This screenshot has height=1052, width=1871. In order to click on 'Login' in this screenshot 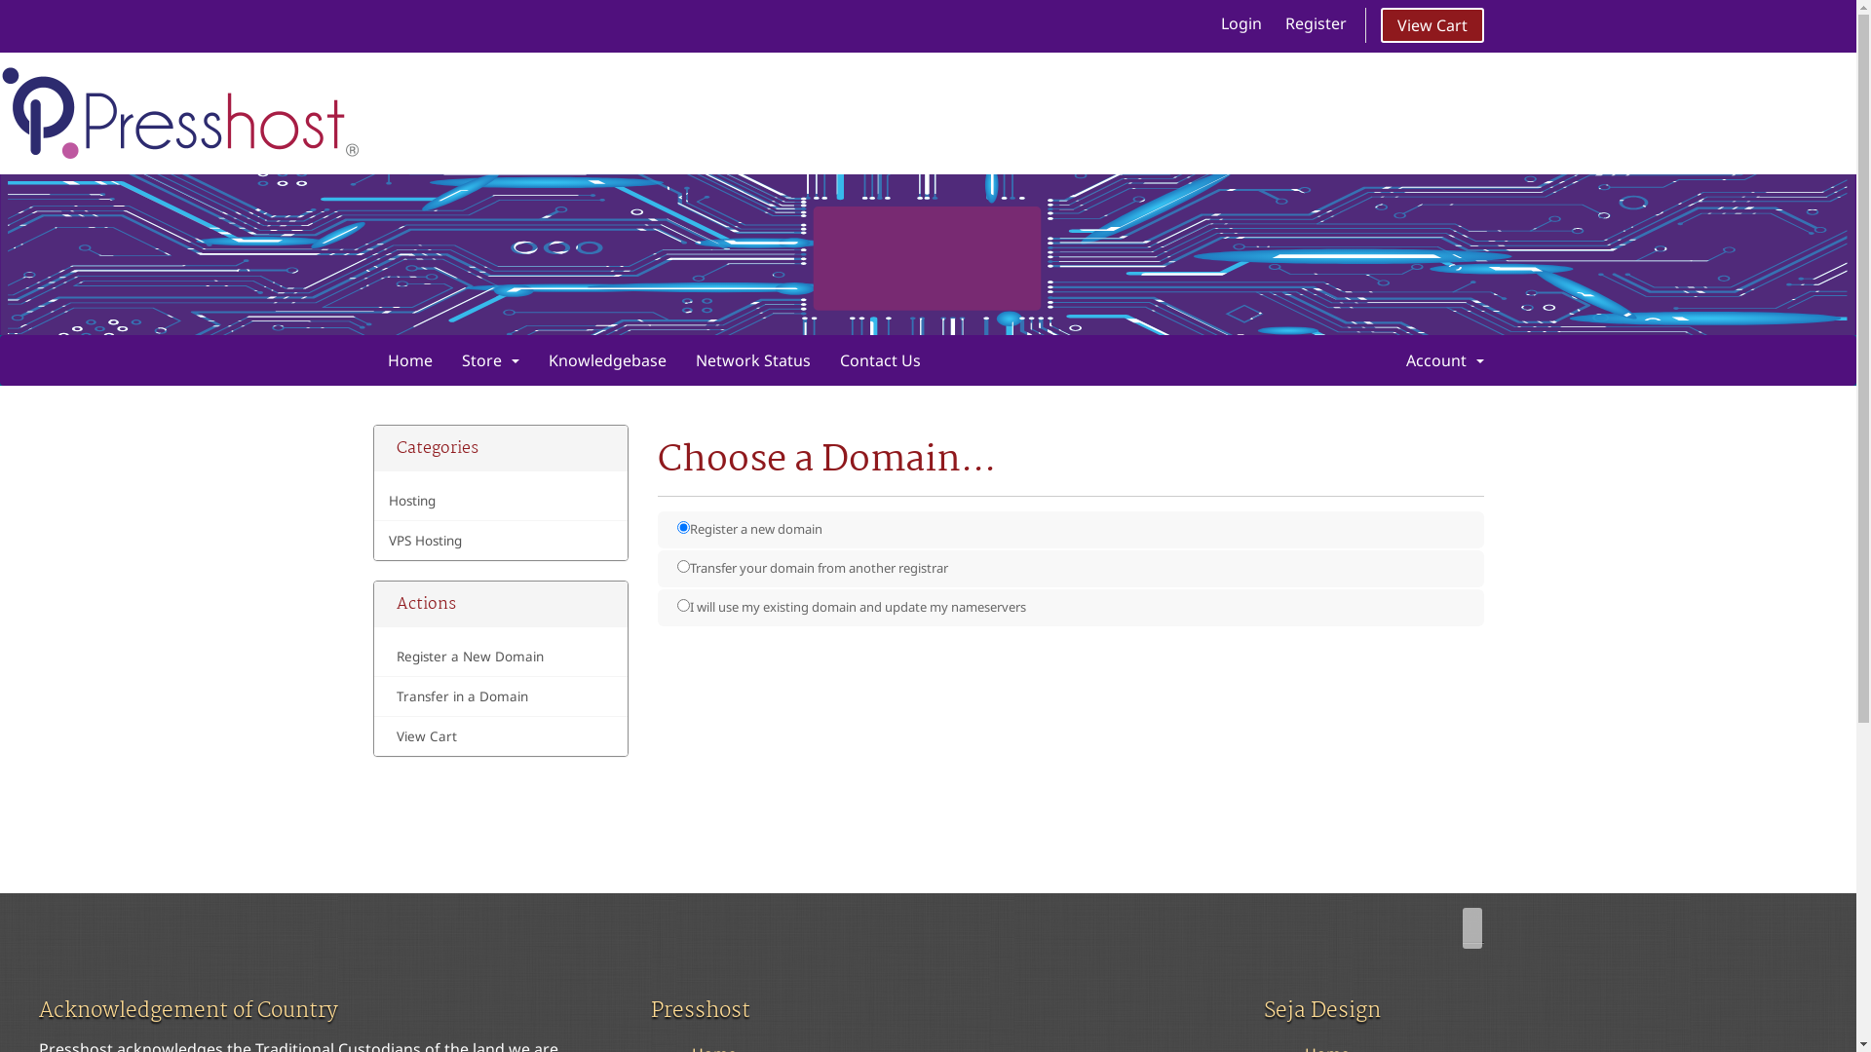, I will do `click(1239, 22)`.